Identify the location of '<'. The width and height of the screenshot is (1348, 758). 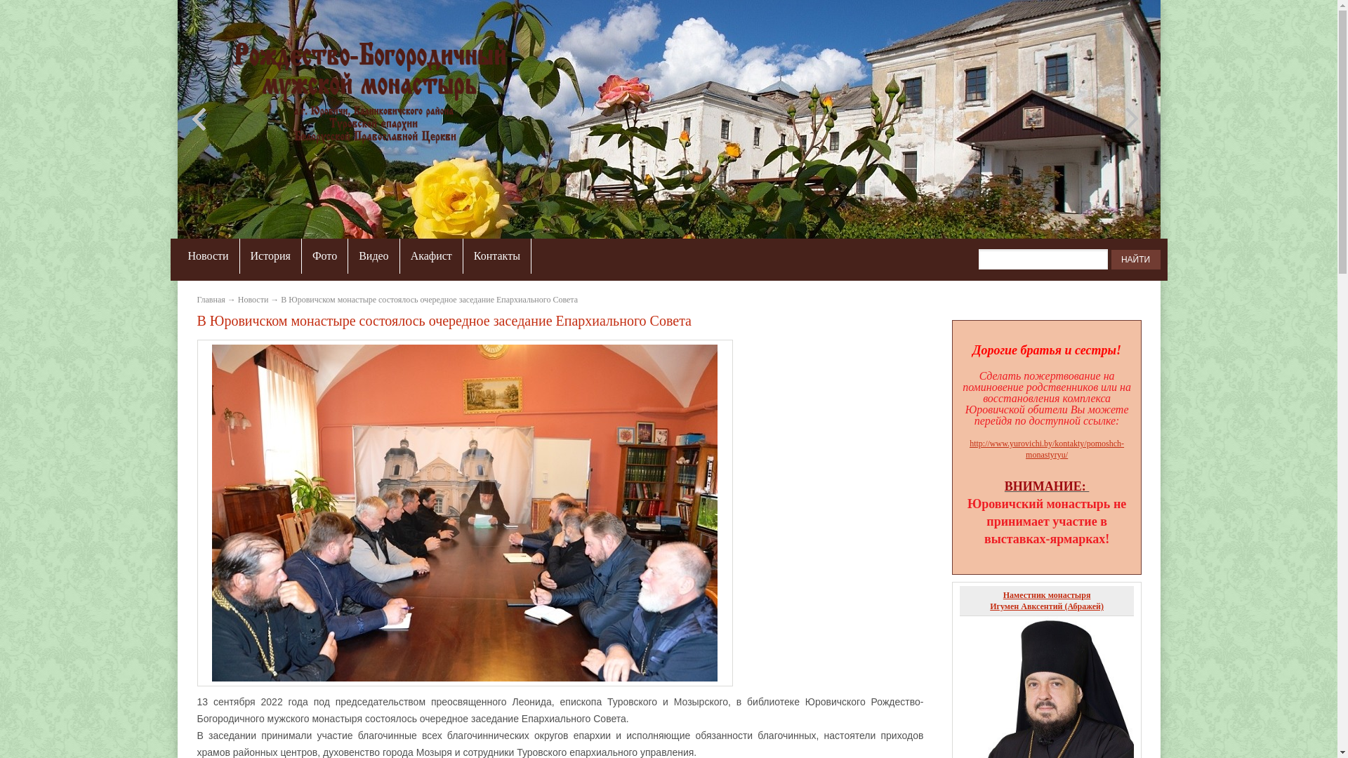
(201, 118).